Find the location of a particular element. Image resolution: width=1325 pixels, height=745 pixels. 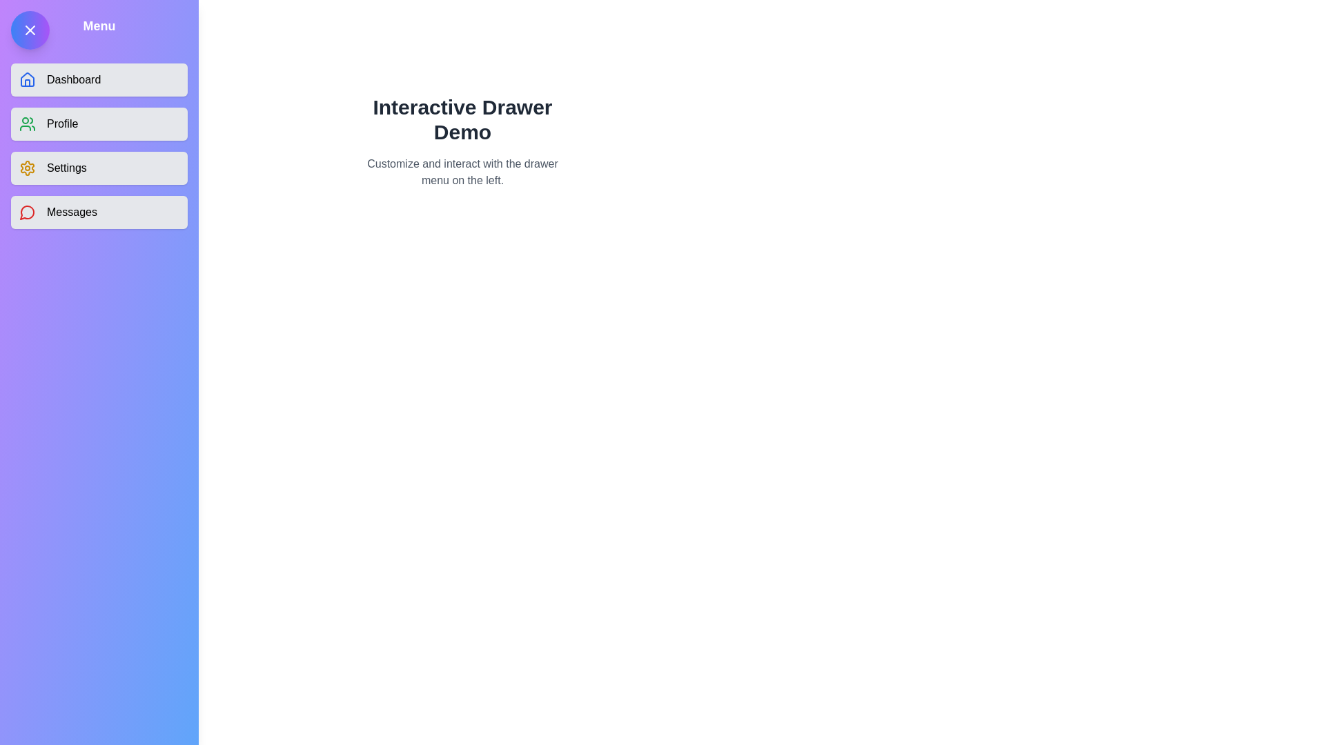

the menu item Messages from the drawer is located at coordinates (99, 212).